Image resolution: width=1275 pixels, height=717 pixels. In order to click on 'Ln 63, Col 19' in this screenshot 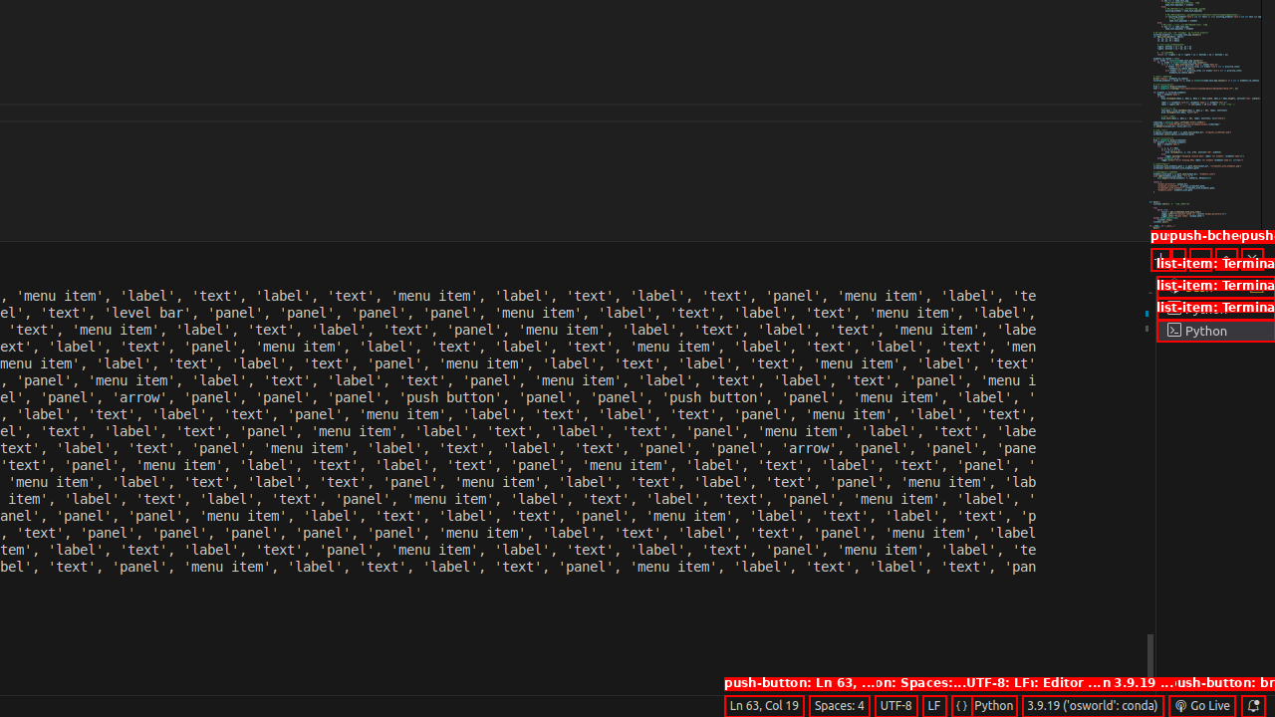, I will do `click(762, 704)`.